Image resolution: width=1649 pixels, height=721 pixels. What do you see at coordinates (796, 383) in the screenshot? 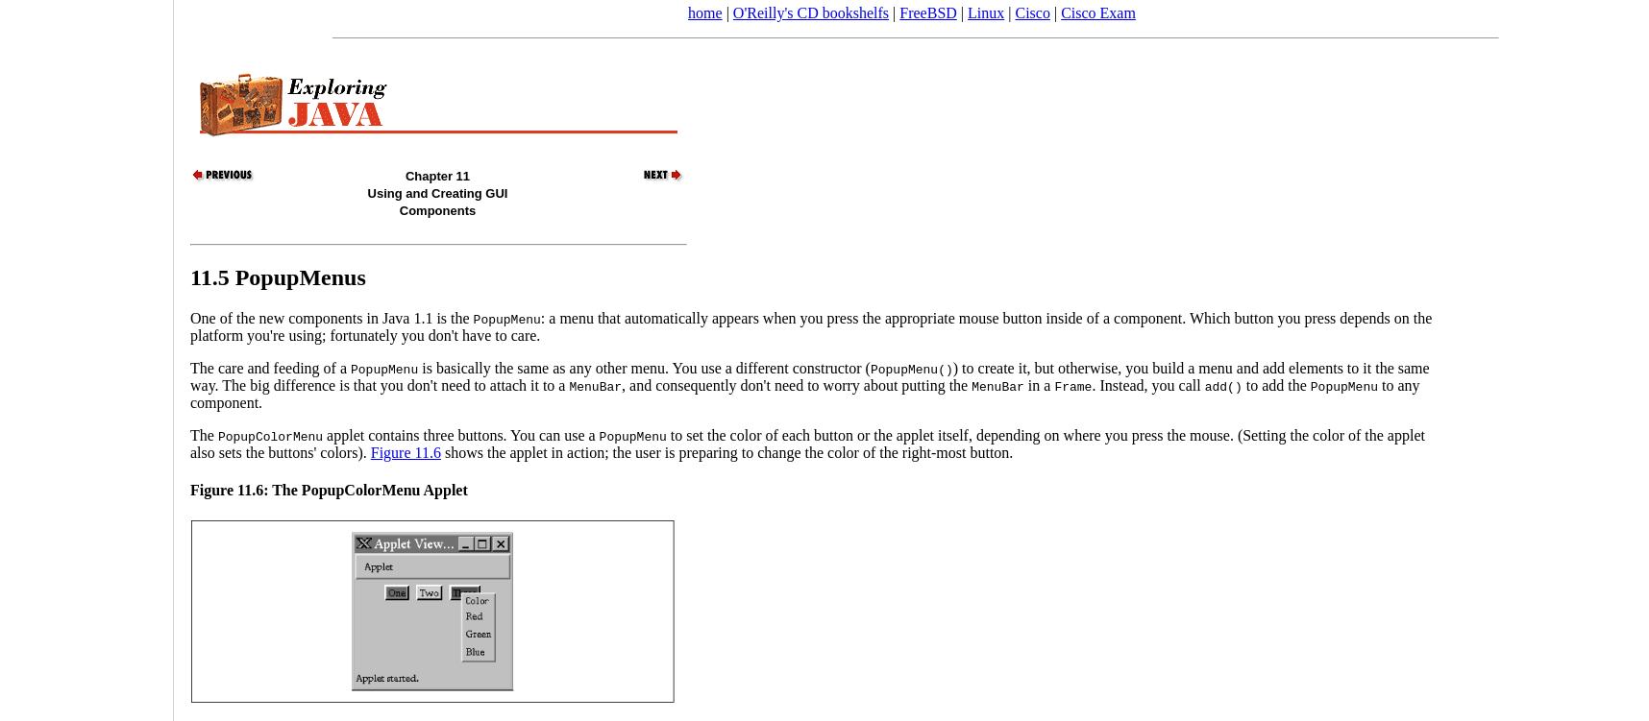
I see `', and consequently don't need to
worry about putting the'` at bounding box center [796, 383].